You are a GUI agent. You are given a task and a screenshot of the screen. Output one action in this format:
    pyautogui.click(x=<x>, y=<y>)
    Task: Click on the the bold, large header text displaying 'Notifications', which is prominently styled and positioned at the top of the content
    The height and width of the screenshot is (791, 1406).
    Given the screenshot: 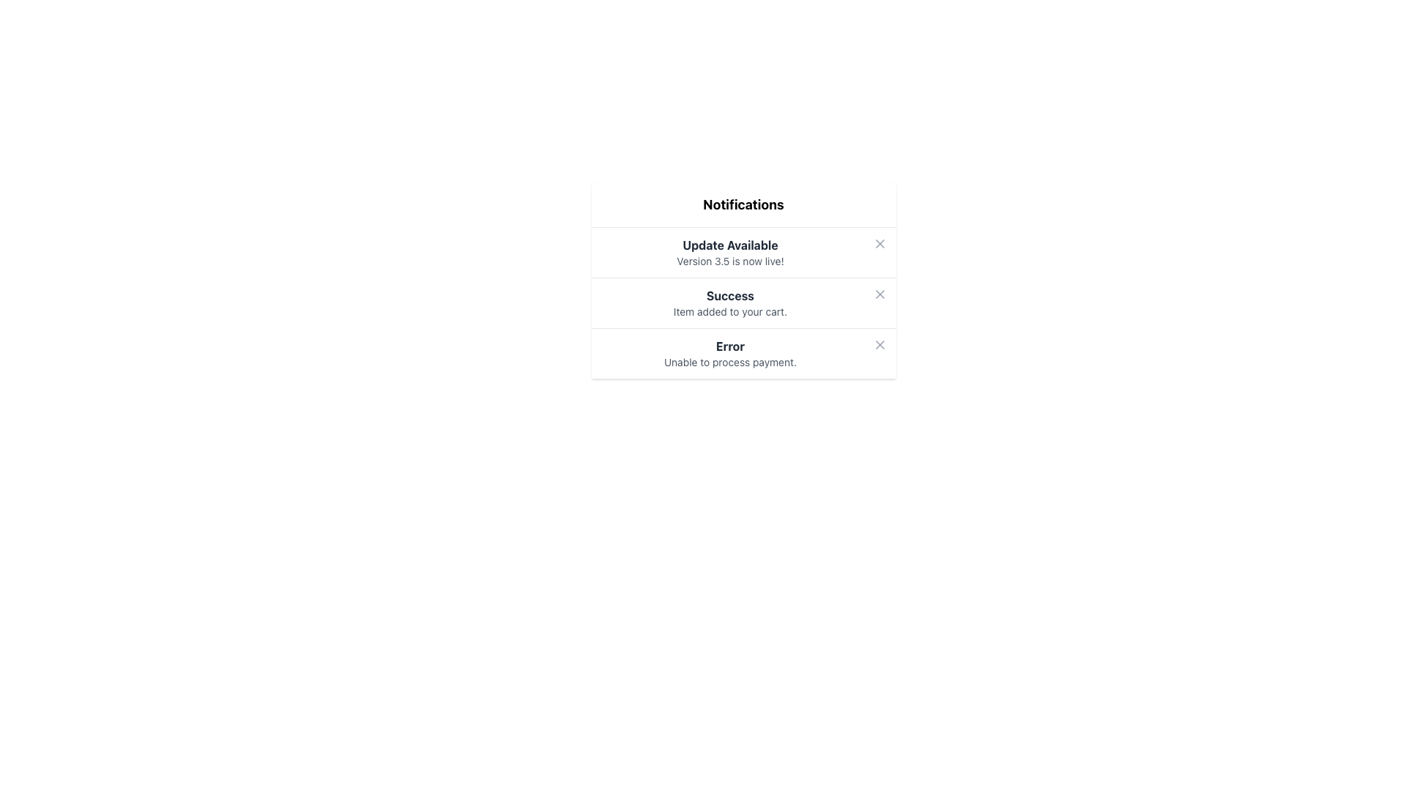 What is the action you would take?
    pyautogui.click(x=743, y=205)
    